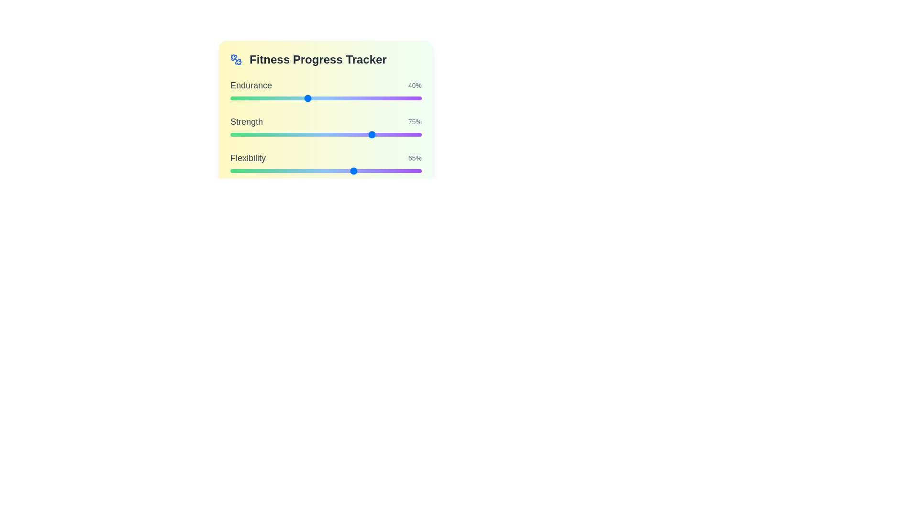  What do you see at coordinates (358, 171) in the screenshot?
I see `flexibility percentage` at bounding box center [358, 171].